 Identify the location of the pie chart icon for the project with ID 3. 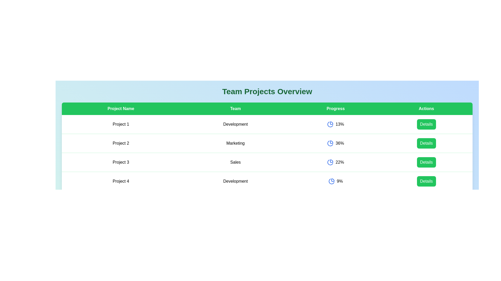
(330, 162).